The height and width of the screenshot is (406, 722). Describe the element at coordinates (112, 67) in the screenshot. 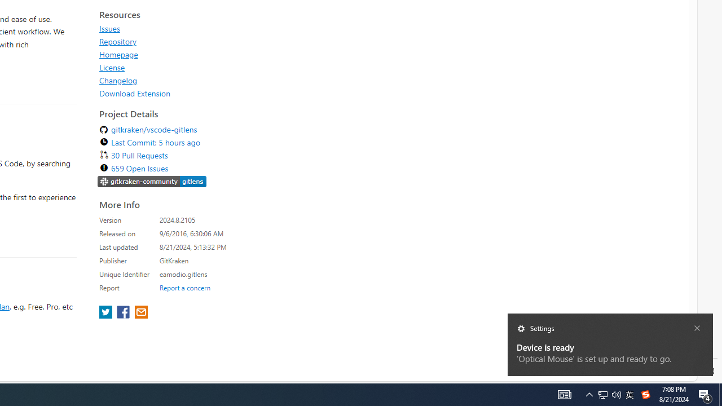

I see `'License'` at that location.